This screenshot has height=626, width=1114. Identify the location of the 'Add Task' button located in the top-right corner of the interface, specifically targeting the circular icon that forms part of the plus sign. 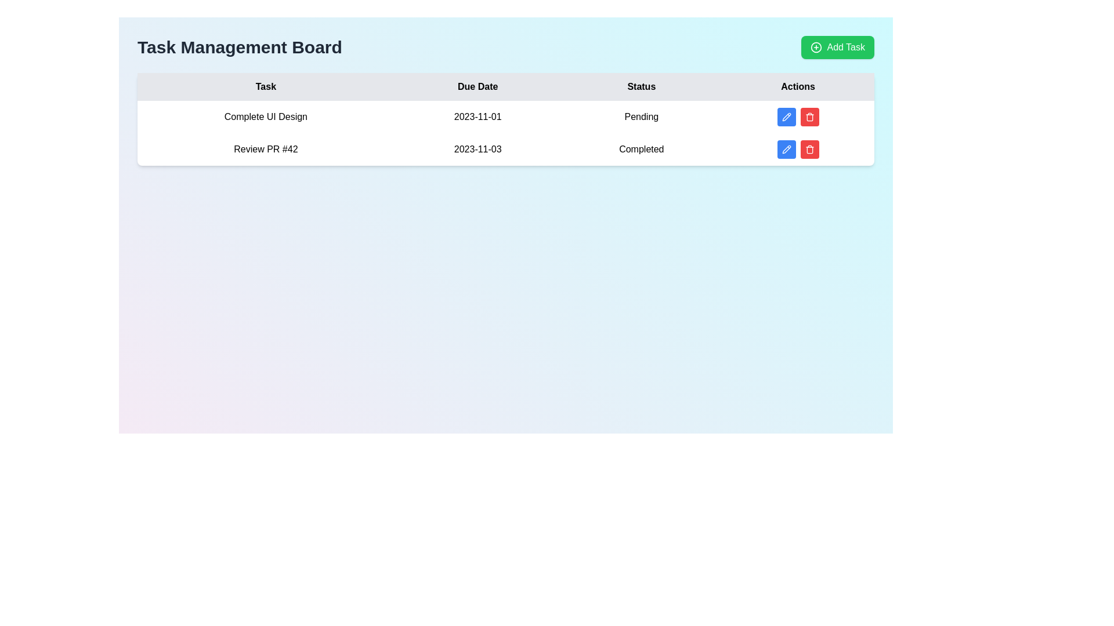
(816, 46).